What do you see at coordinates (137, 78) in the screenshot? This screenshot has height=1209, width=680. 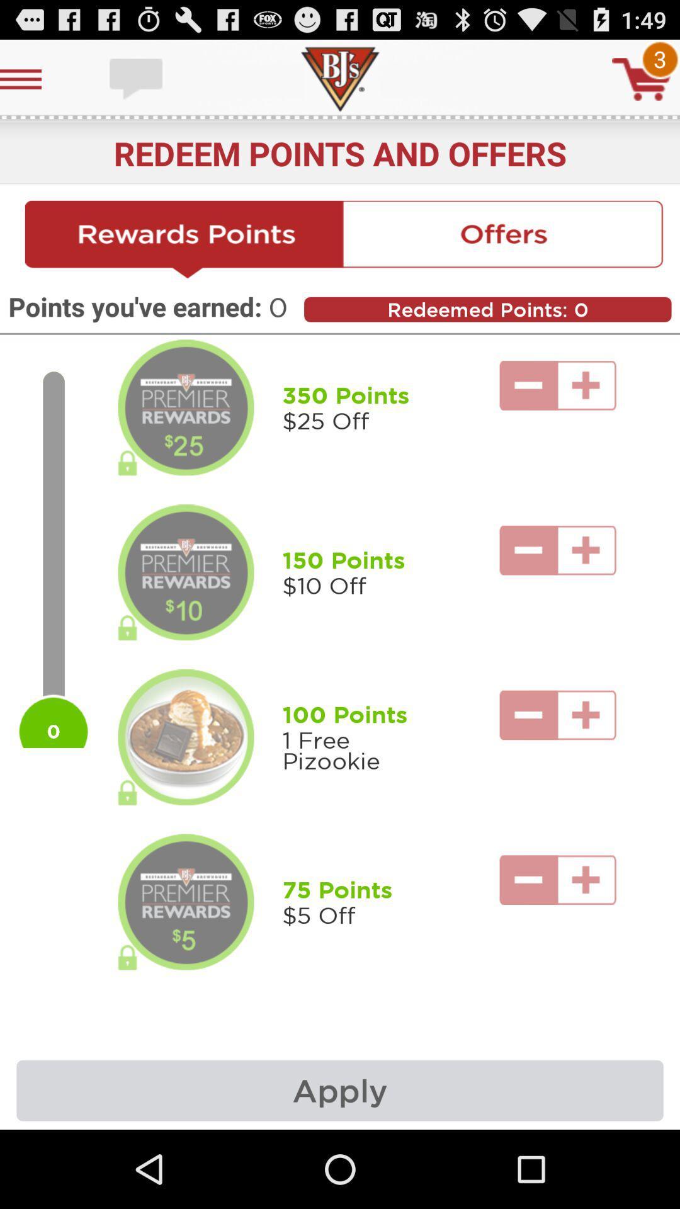 I see `message page` at bounding box center [137, 78].